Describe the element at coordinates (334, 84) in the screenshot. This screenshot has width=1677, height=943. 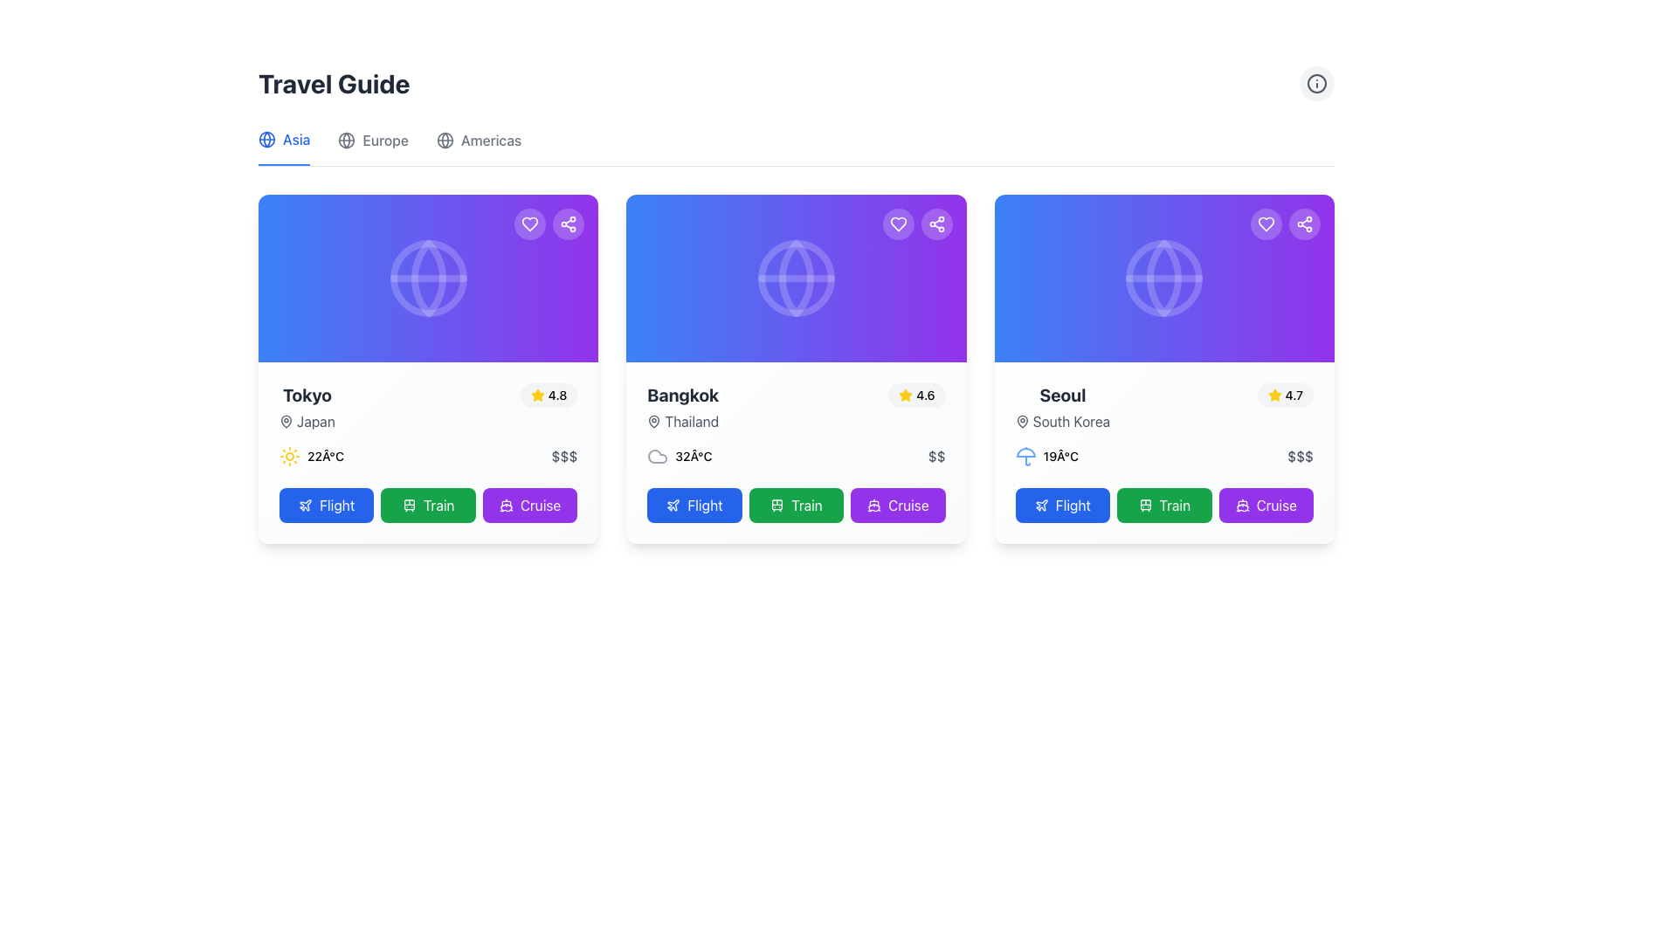
I see `text of the header element located at the upper-left section of the interface, which serves as the title for the content area` at that location.